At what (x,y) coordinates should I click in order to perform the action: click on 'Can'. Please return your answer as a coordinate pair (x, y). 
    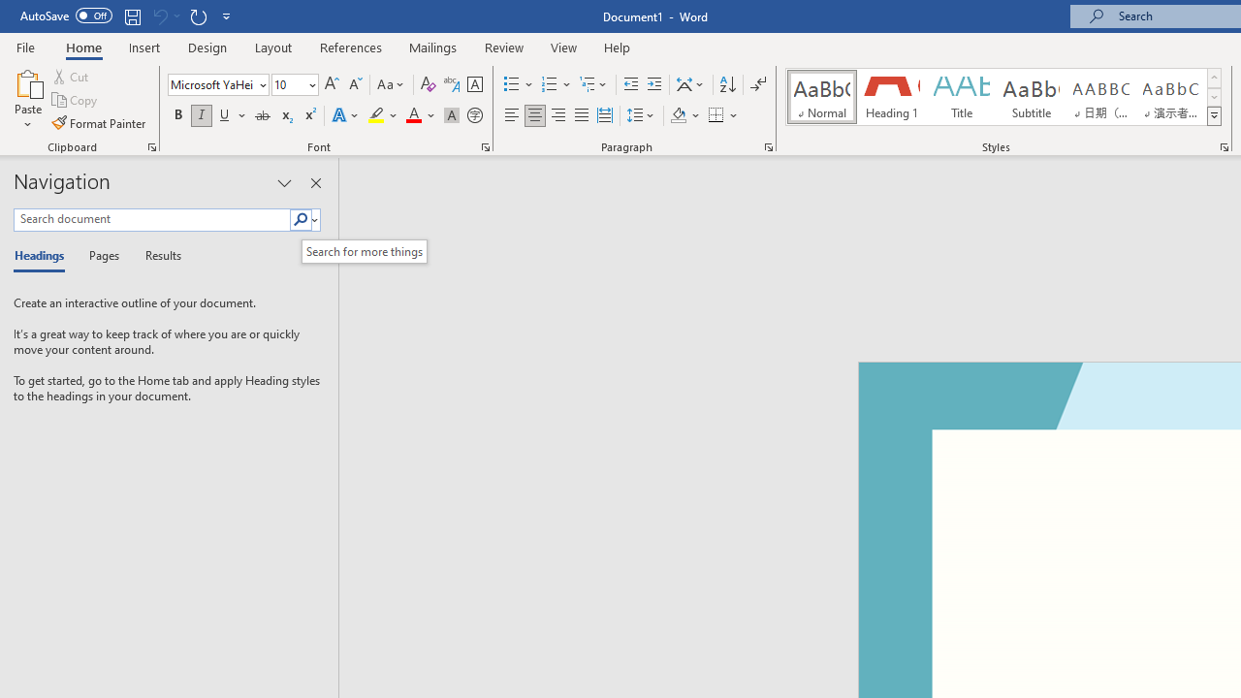
    Looking at the image, I should click on (165, 16).